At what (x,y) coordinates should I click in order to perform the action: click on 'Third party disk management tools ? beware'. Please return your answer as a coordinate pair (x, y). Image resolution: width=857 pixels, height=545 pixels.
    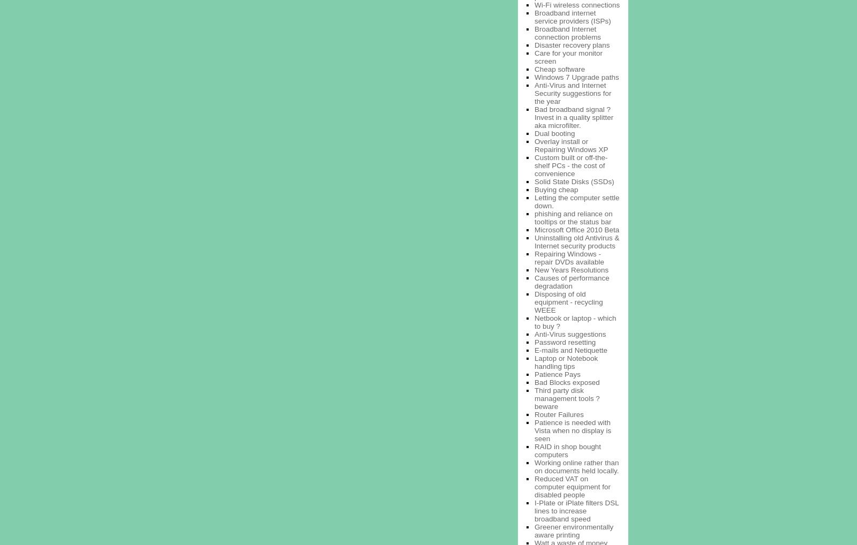
    Looking at the image, I should click on (534, 397).